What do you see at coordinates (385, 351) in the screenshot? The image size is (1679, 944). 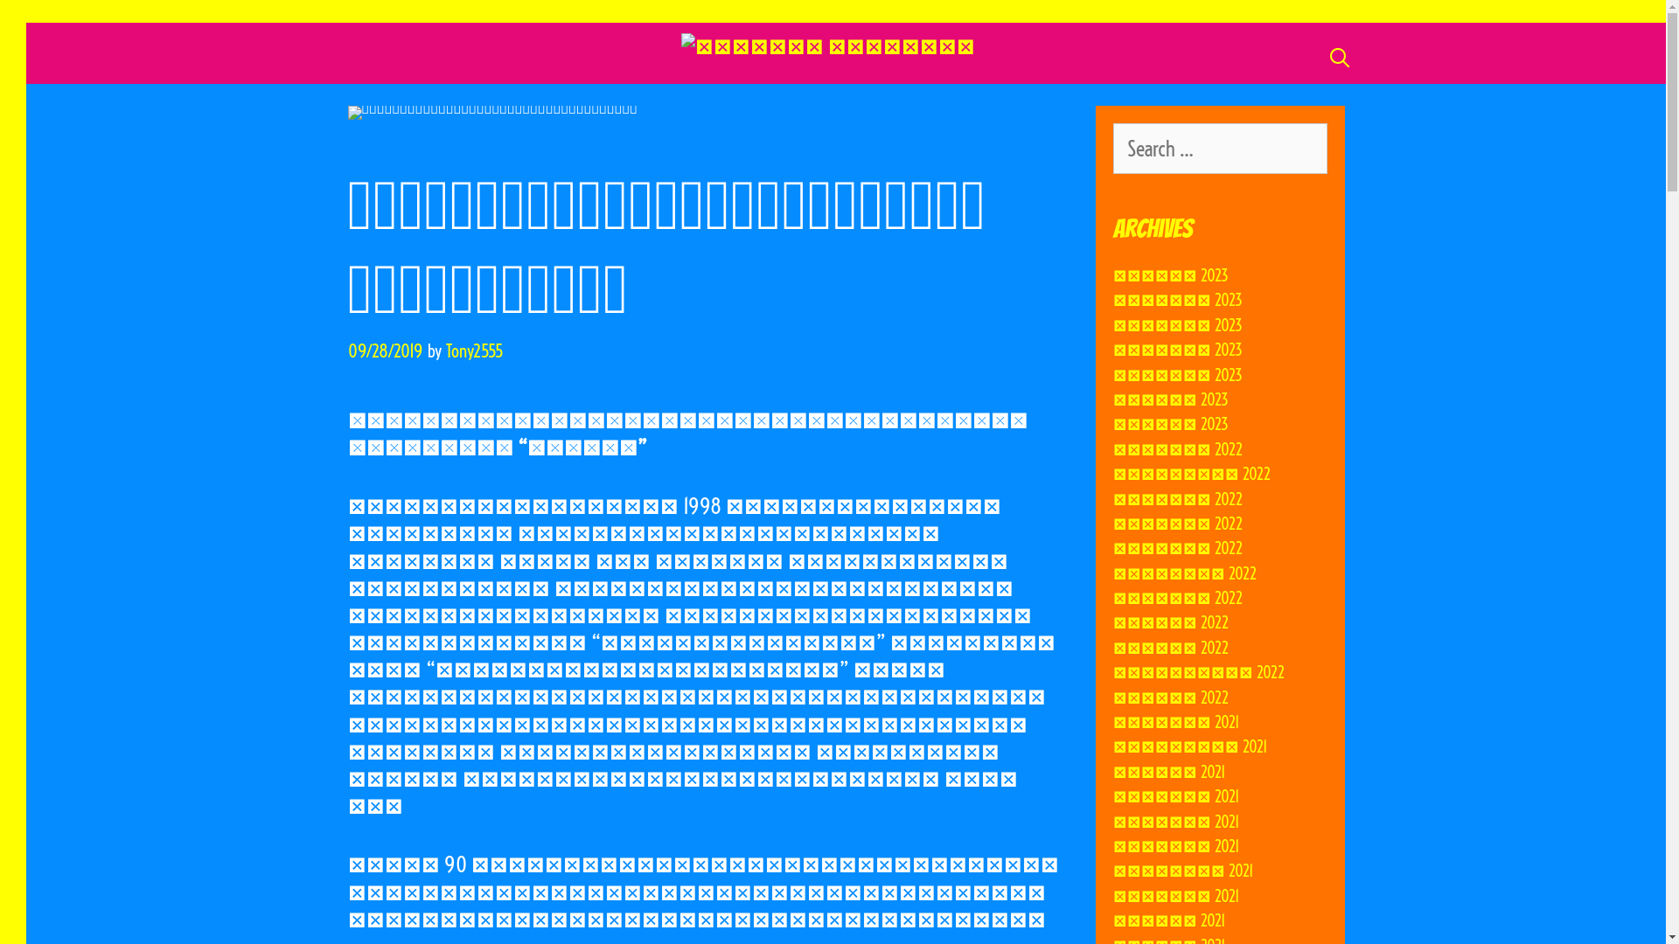 I see `'09/28/2019'` at bounding box center [385, 351].